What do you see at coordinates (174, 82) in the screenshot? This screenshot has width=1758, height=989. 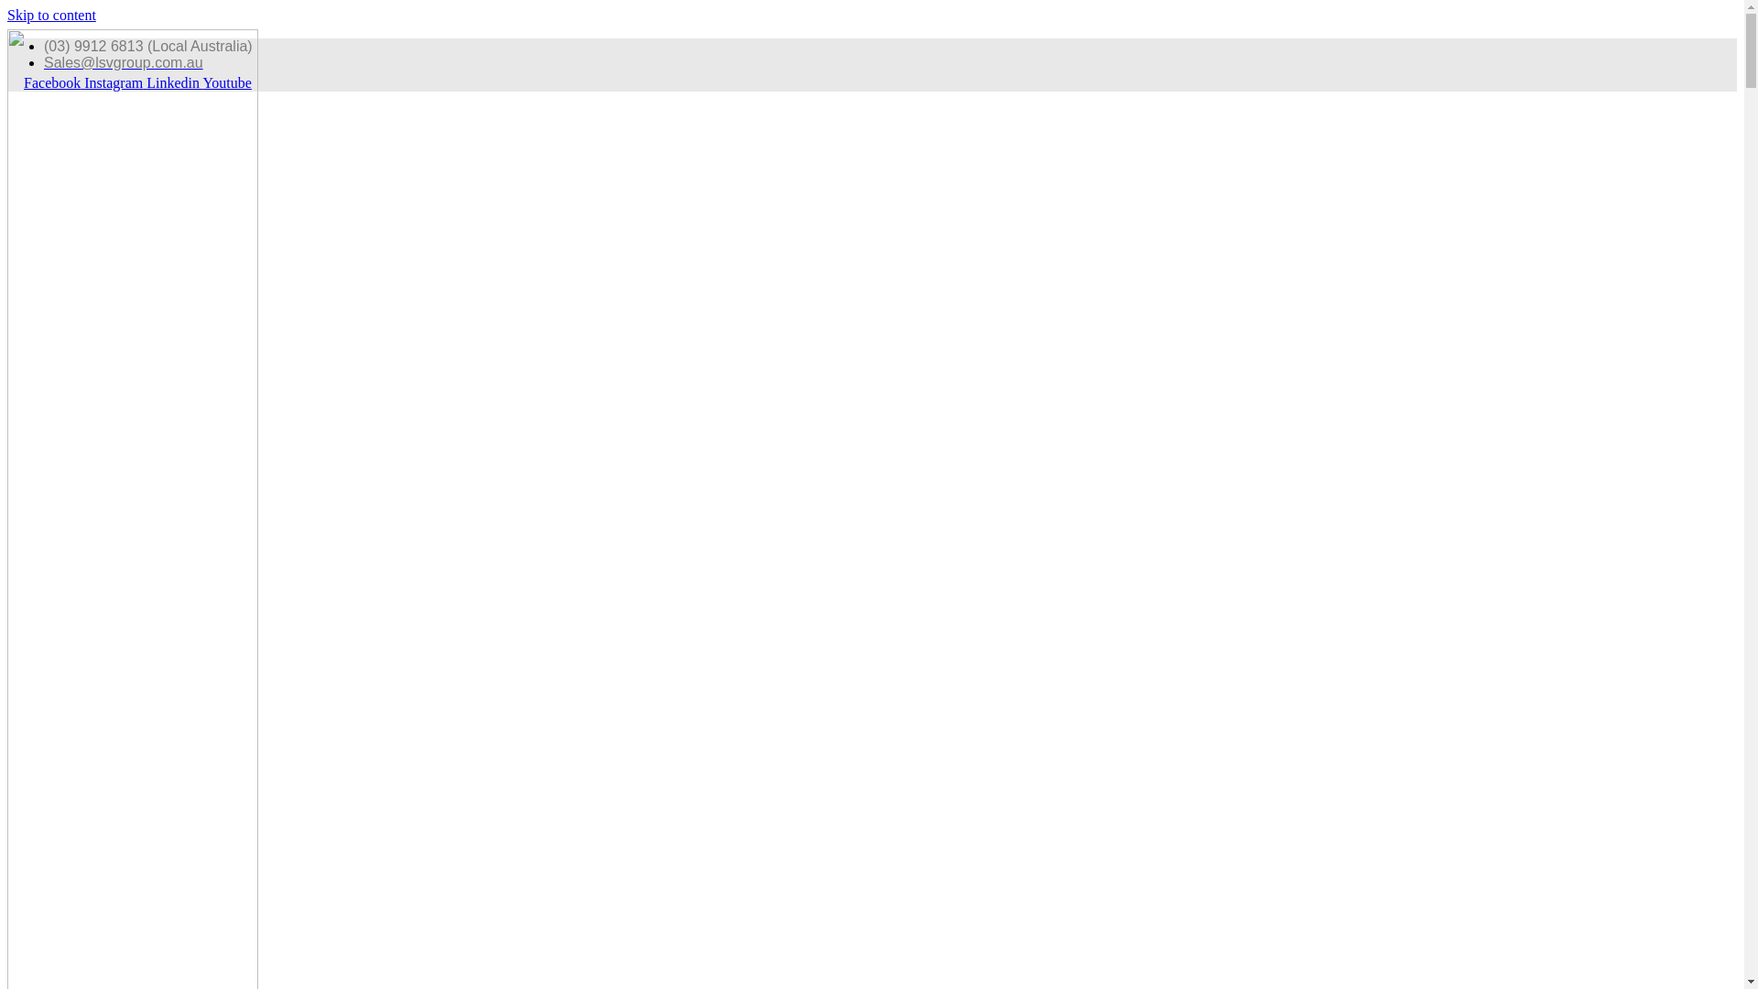 I see `'Linkedin'` at bounding box center [174, 82].